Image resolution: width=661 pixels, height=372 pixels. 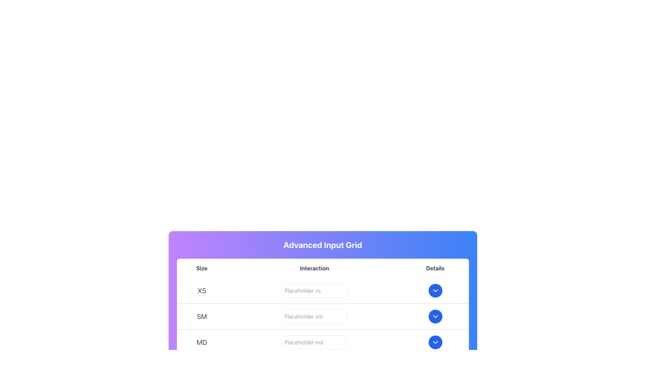 I want to click on the text input field with placeholder text 'Placeholder xs' located under the heading 'Interaction' in the 'XS' row to focus, so click(x=314, y=291).